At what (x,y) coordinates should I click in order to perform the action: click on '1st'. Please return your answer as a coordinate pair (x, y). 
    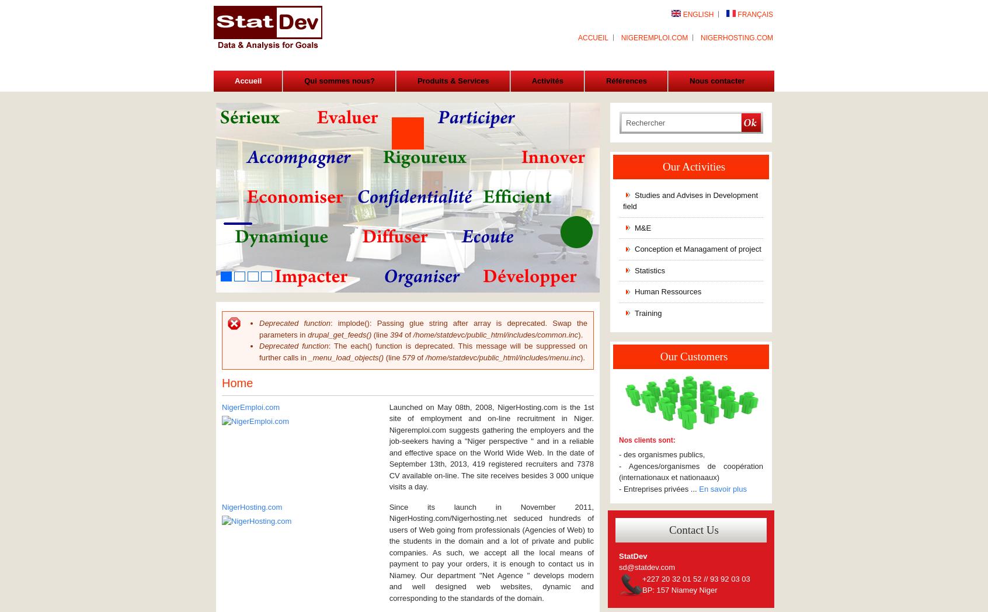
    Looking at the image, I should click on (587, 406).